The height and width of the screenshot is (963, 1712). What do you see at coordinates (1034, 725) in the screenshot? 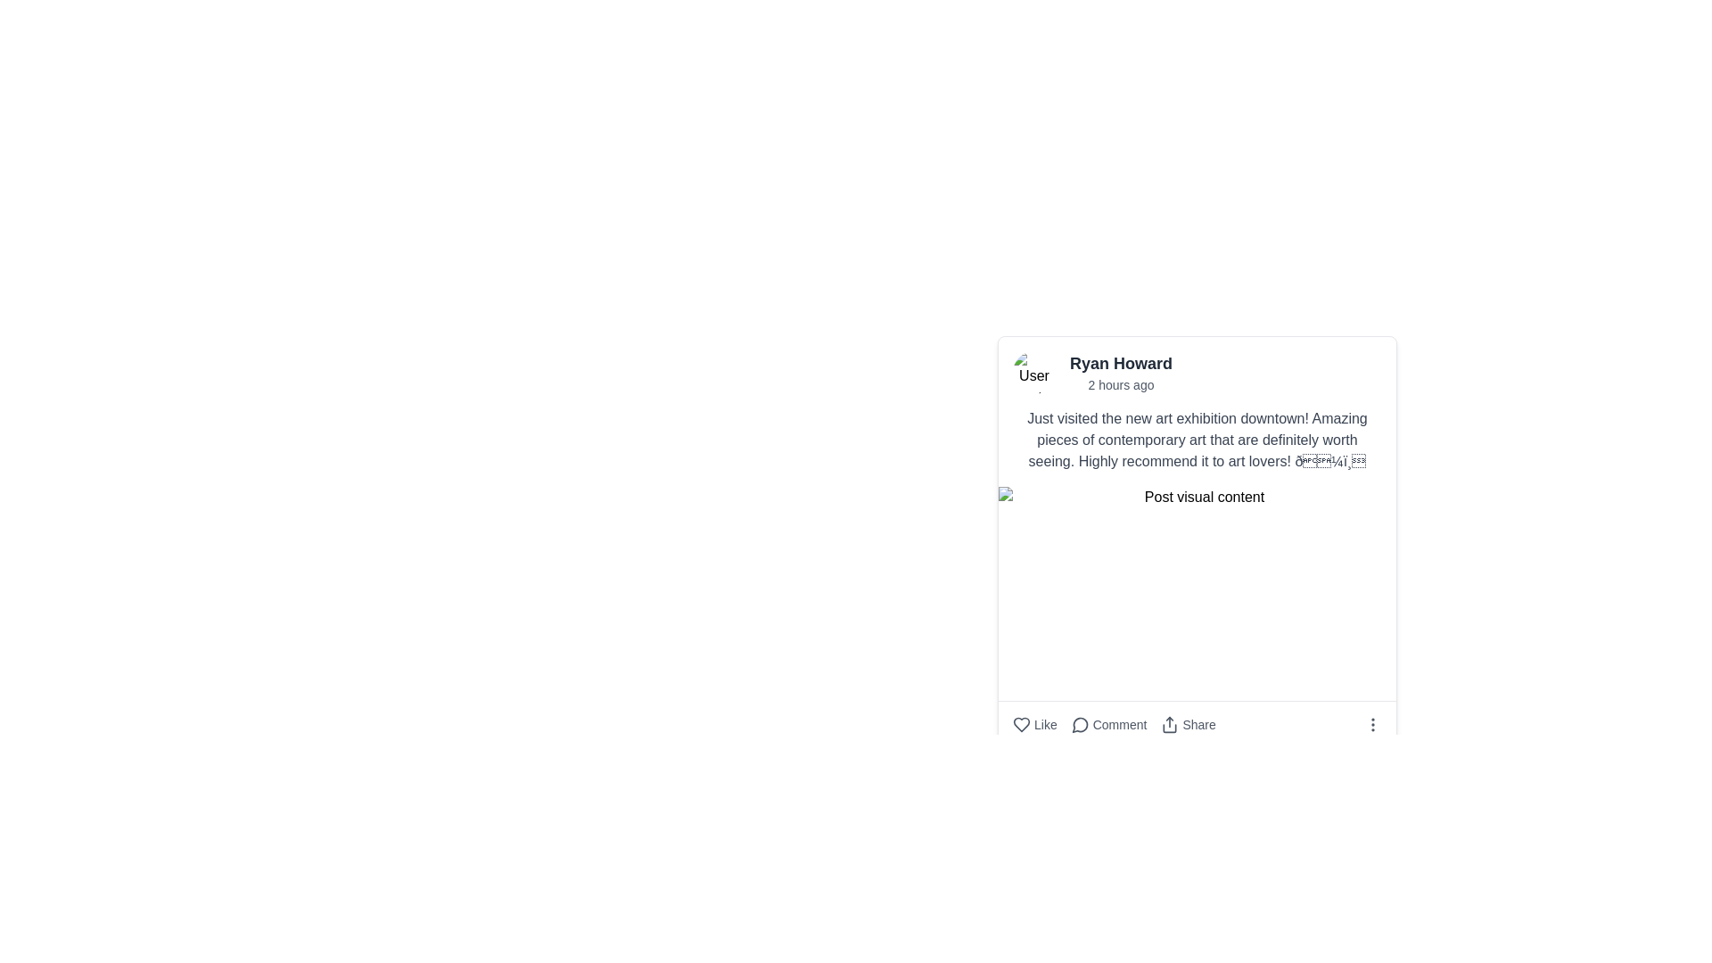
I see `the 'Like' button, the first option in the horizontal control bar at the bottom of a post` at bounding box center [1034, 725].